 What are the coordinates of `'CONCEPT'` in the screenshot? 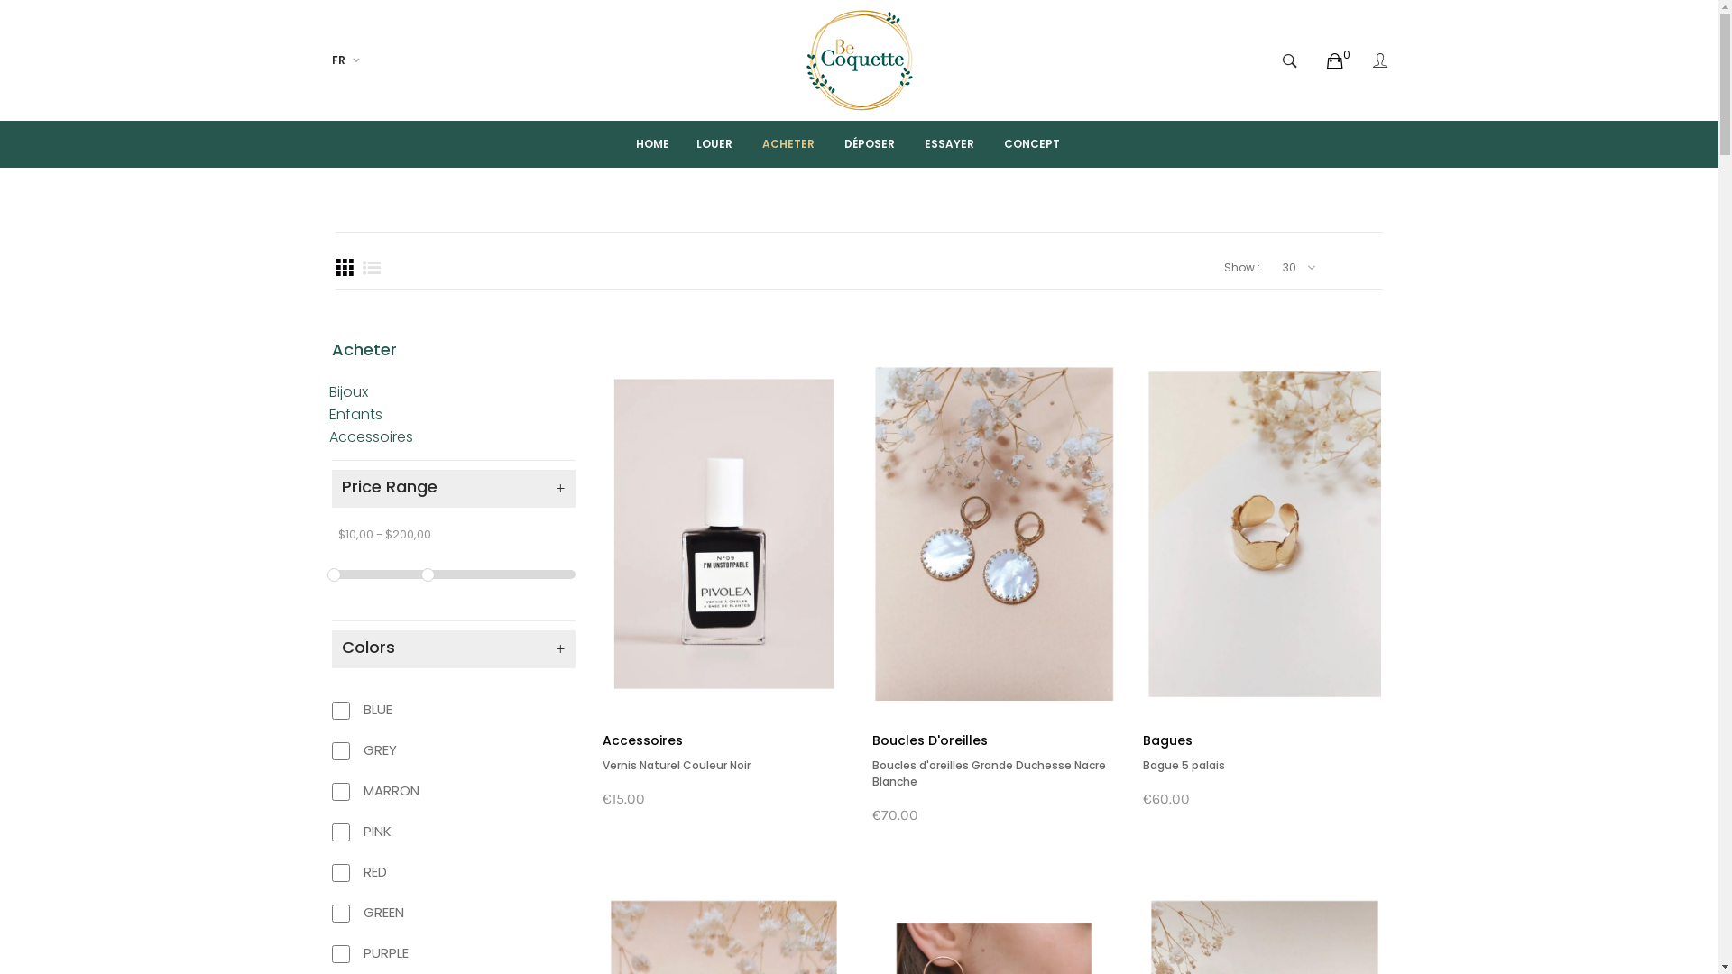 It's located at (1031, 142).